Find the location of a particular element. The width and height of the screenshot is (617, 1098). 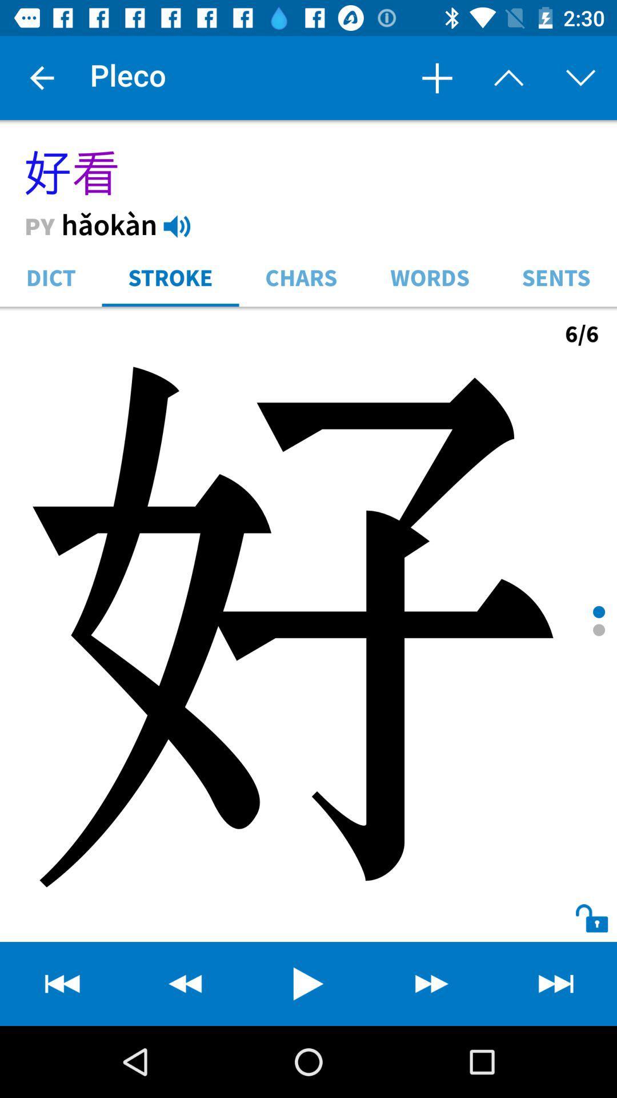

the av_rewind icon is located at coordinates (185, 983).